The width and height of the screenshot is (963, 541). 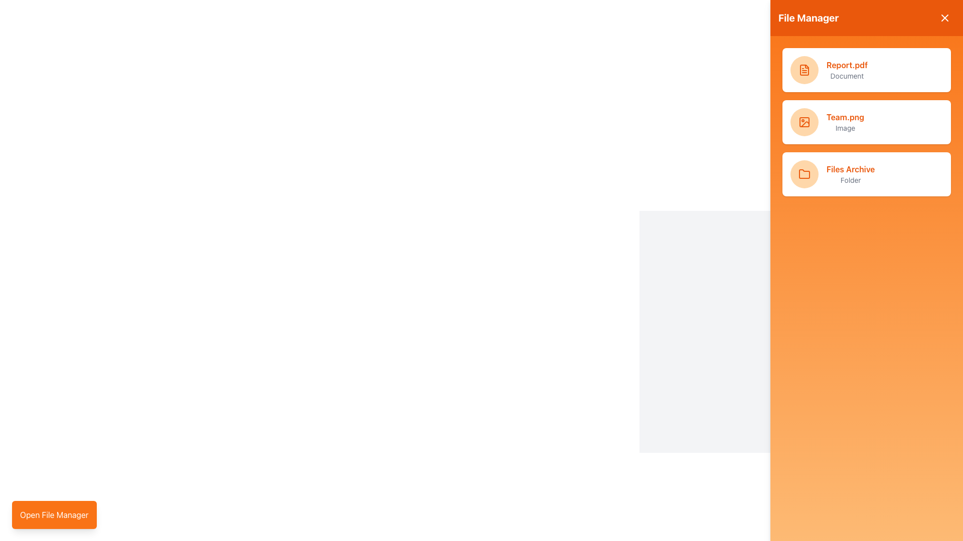 What do you see at coordinates (866, 121) in the screenshot?
I see `the second selectable card` at bounding box center [866, 121].